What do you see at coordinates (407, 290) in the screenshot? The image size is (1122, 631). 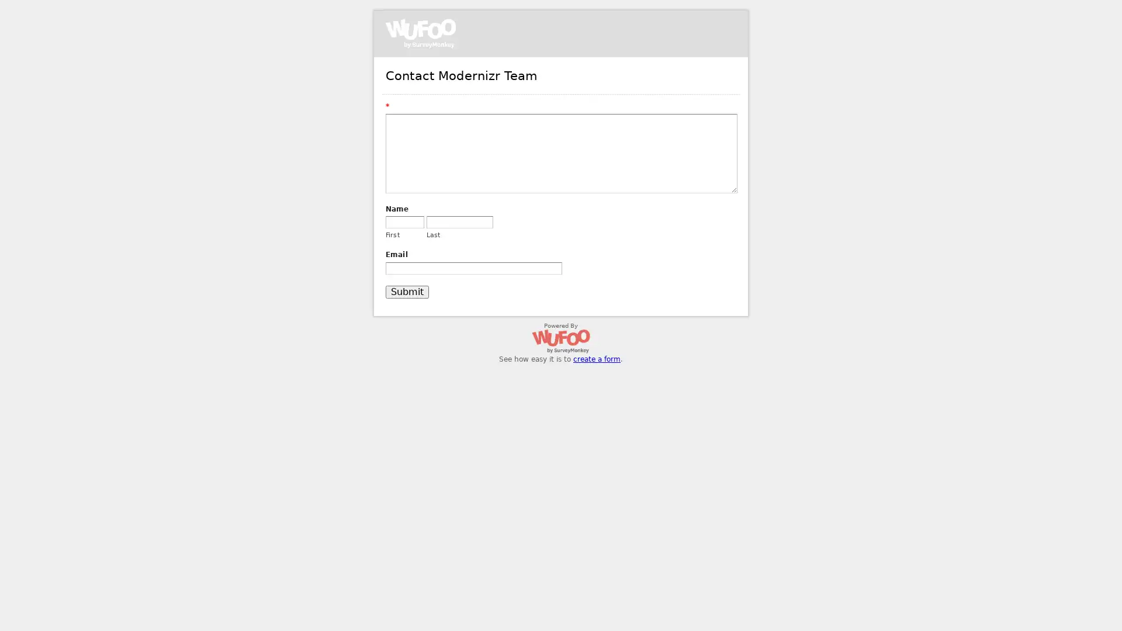 I see `Submit` at bounding box center [407, 290].